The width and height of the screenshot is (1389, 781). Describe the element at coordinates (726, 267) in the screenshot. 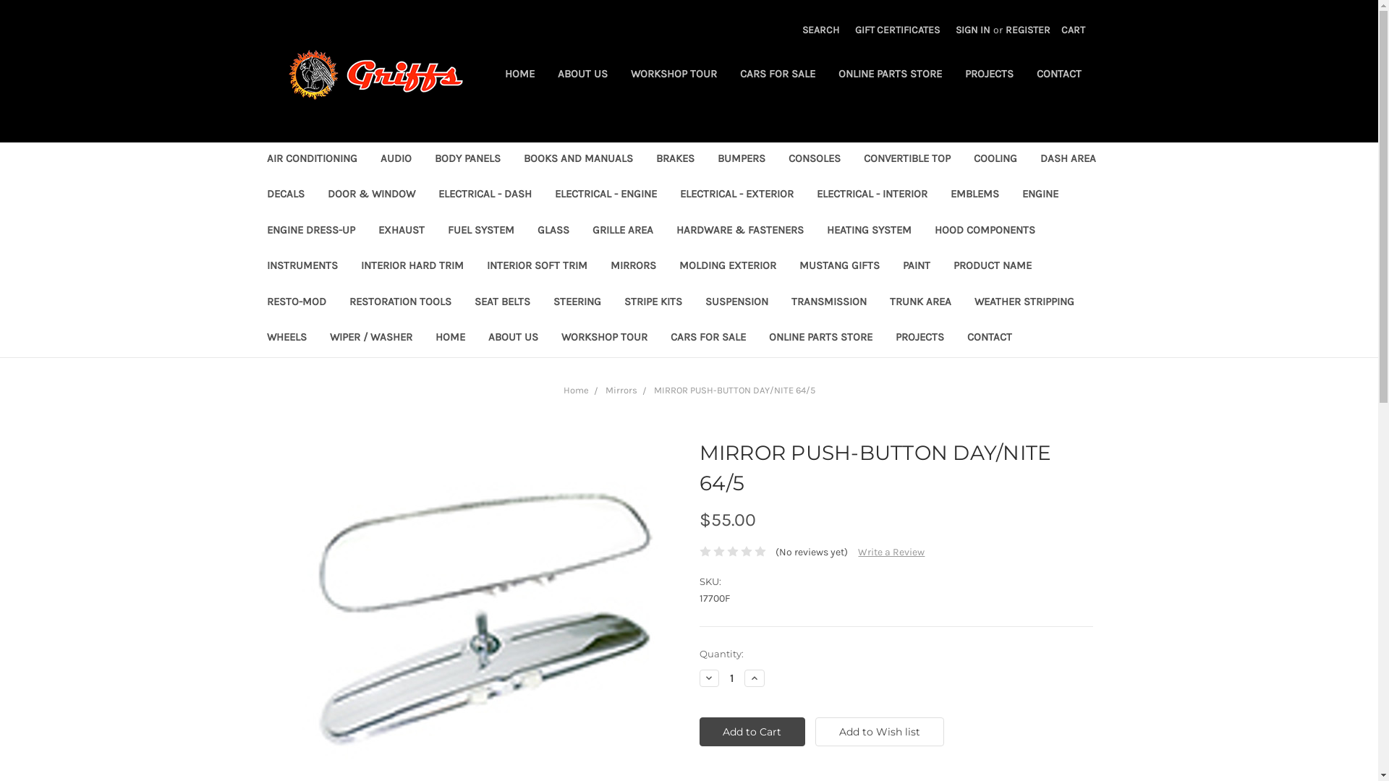

I see `'MOLDING EXTERIOR'` at that location.